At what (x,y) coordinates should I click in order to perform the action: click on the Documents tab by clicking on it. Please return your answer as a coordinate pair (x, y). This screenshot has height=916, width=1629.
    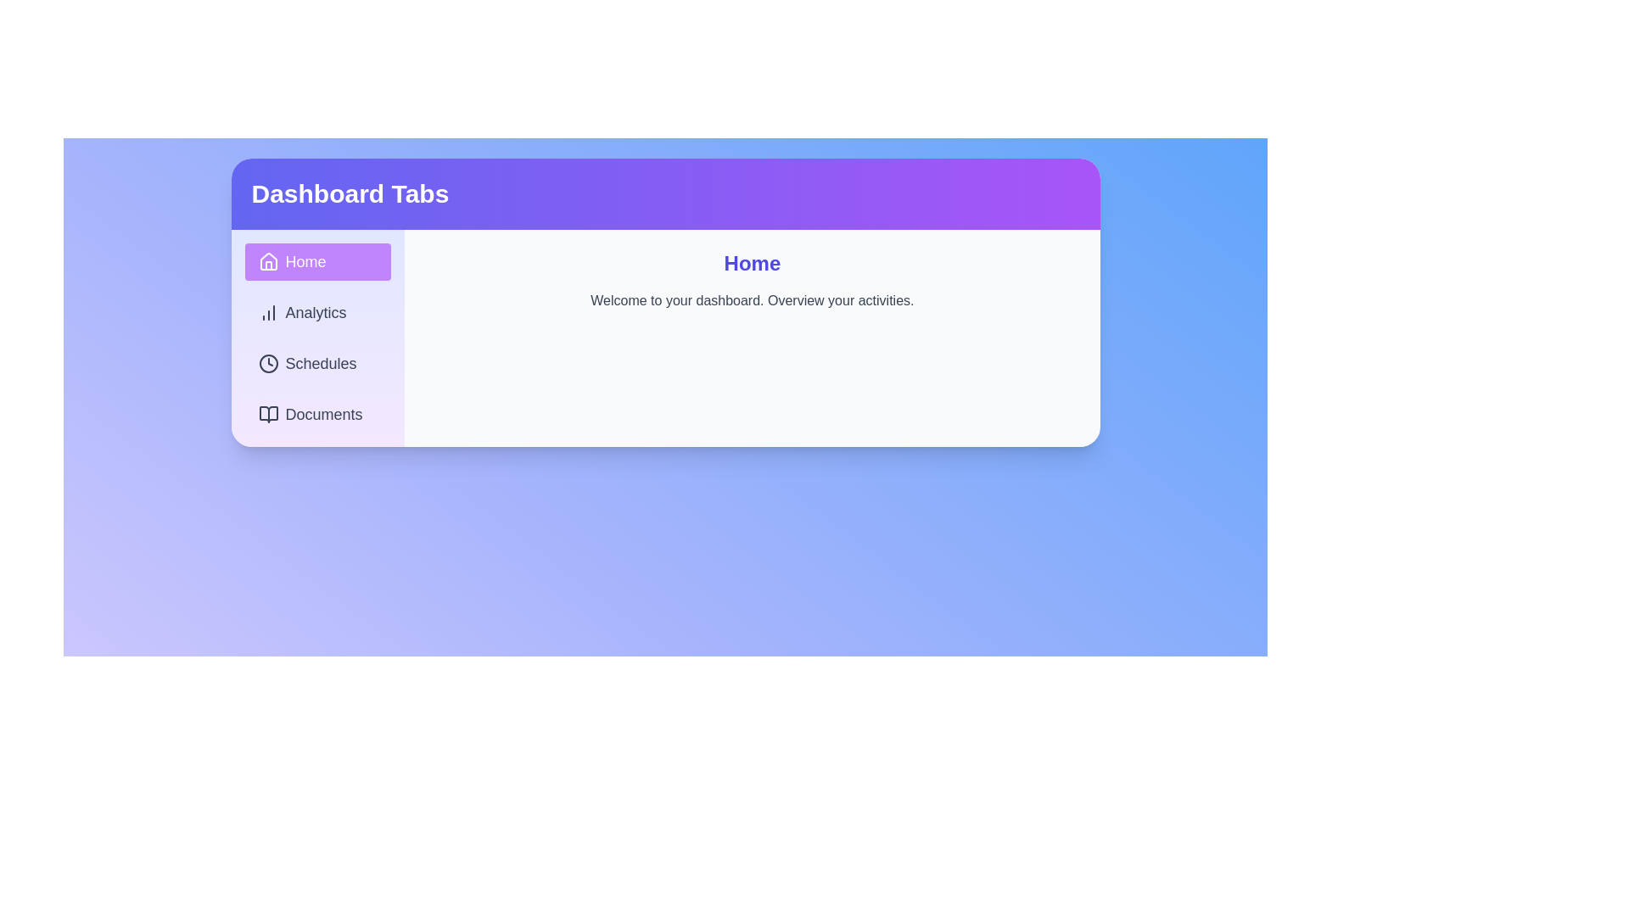
    Looking at the image, I should click on (317, 415).